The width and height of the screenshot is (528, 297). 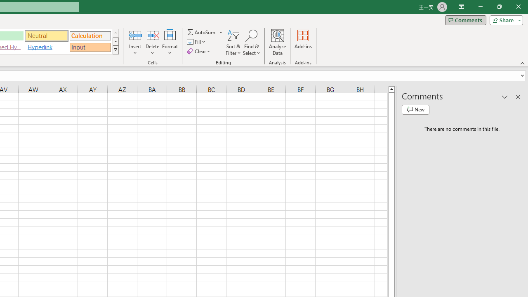 I want to click on 'Hyperlink', so click(x=46, y=47).